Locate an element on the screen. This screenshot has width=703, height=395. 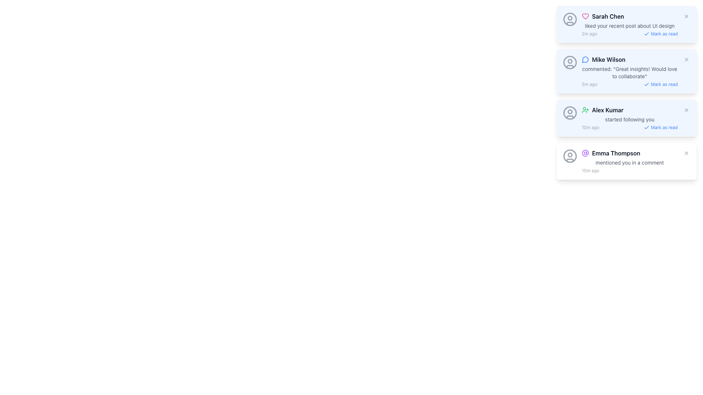
the close icon button located in the top-right corner of the first notification item next to 'Sarah Chen' is located at coordinates (686, 16).